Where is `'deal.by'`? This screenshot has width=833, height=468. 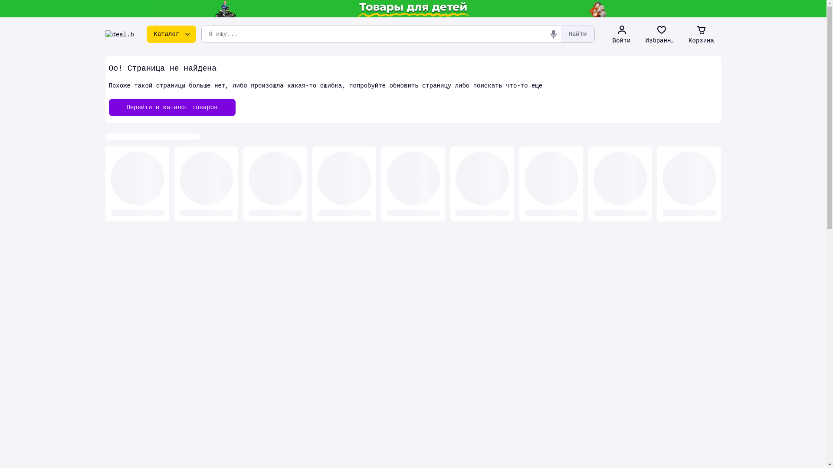 'deal.by' is located at coordinates (119, 33).